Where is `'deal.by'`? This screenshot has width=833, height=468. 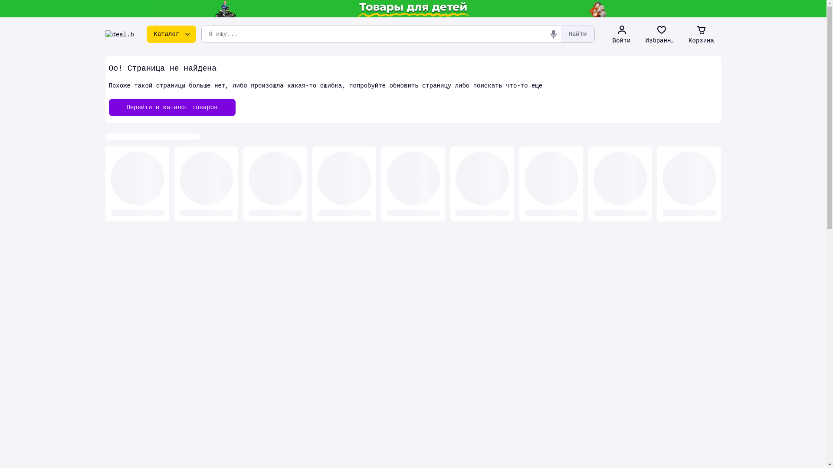 'deal.by' is located at coordinates (119, 33).